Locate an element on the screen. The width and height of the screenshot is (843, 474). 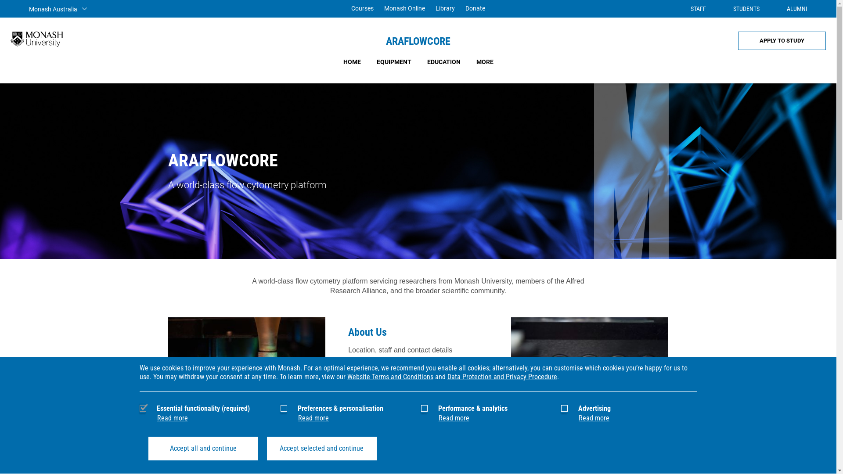
'ALUMNI' is located at coordinates (766, 8).